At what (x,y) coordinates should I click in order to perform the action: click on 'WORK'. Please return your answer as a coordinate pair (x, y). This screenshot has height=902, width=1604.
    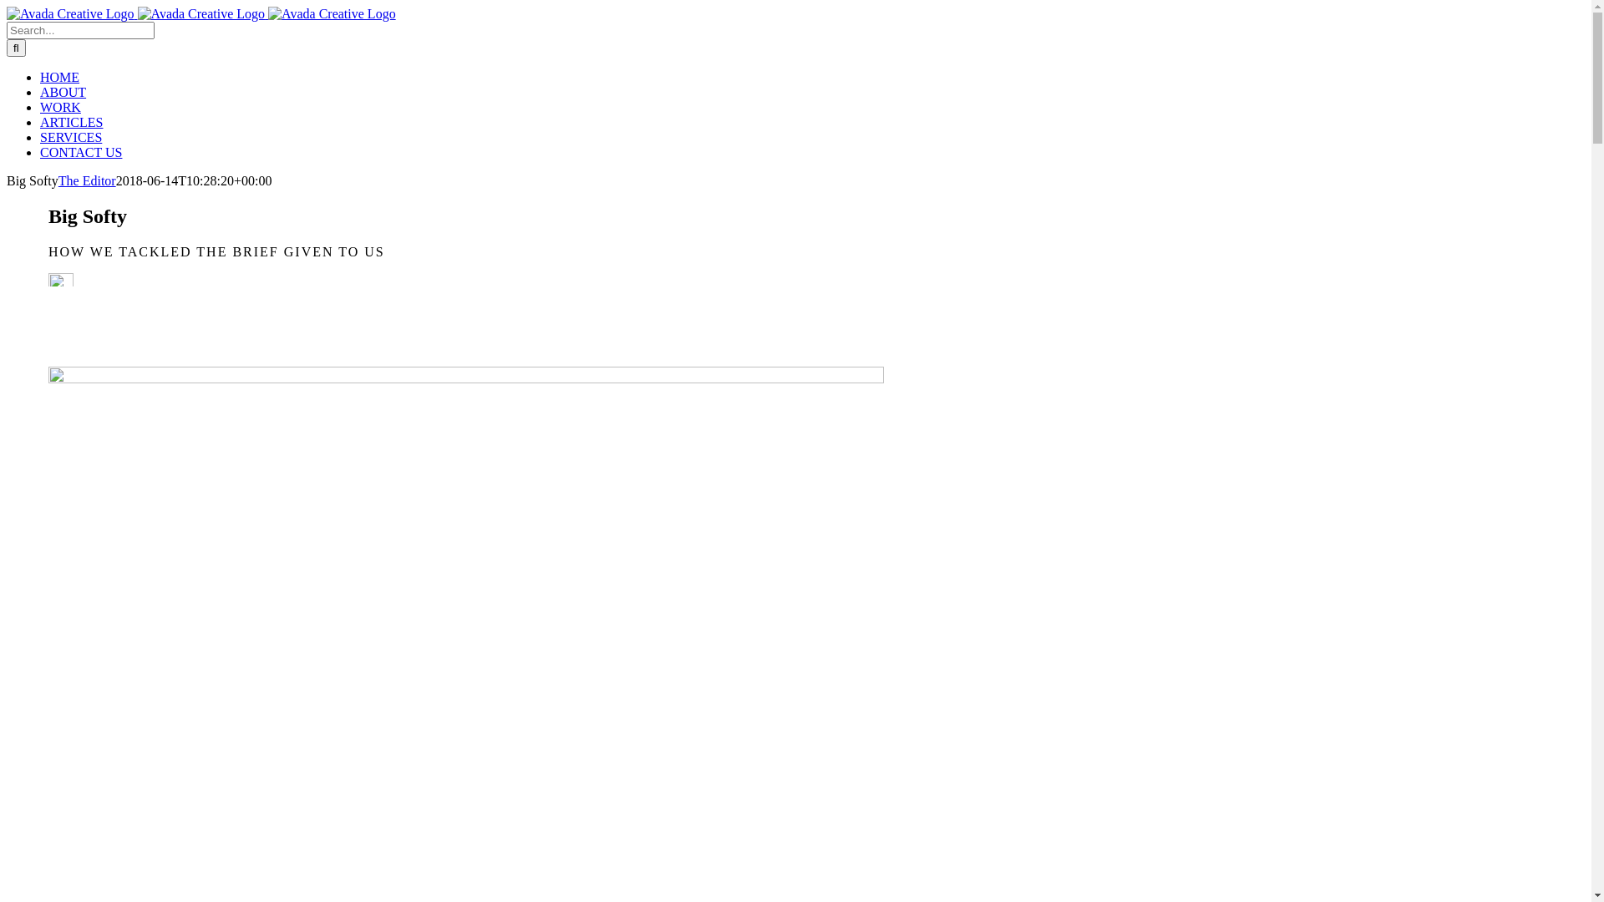
    Looking at the image, I should click on (60, 107).